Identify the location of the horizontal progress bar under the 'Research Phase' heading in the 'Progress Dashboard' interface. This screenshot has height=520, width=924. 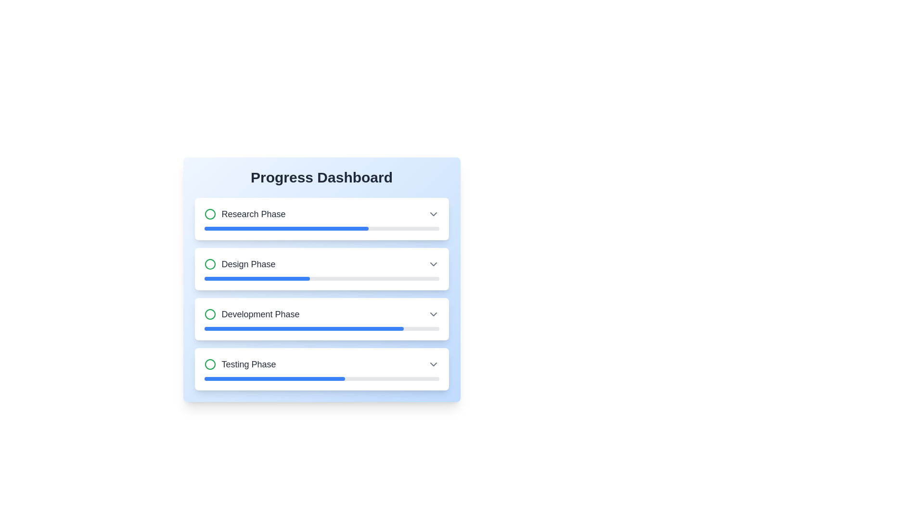
(321, 228).